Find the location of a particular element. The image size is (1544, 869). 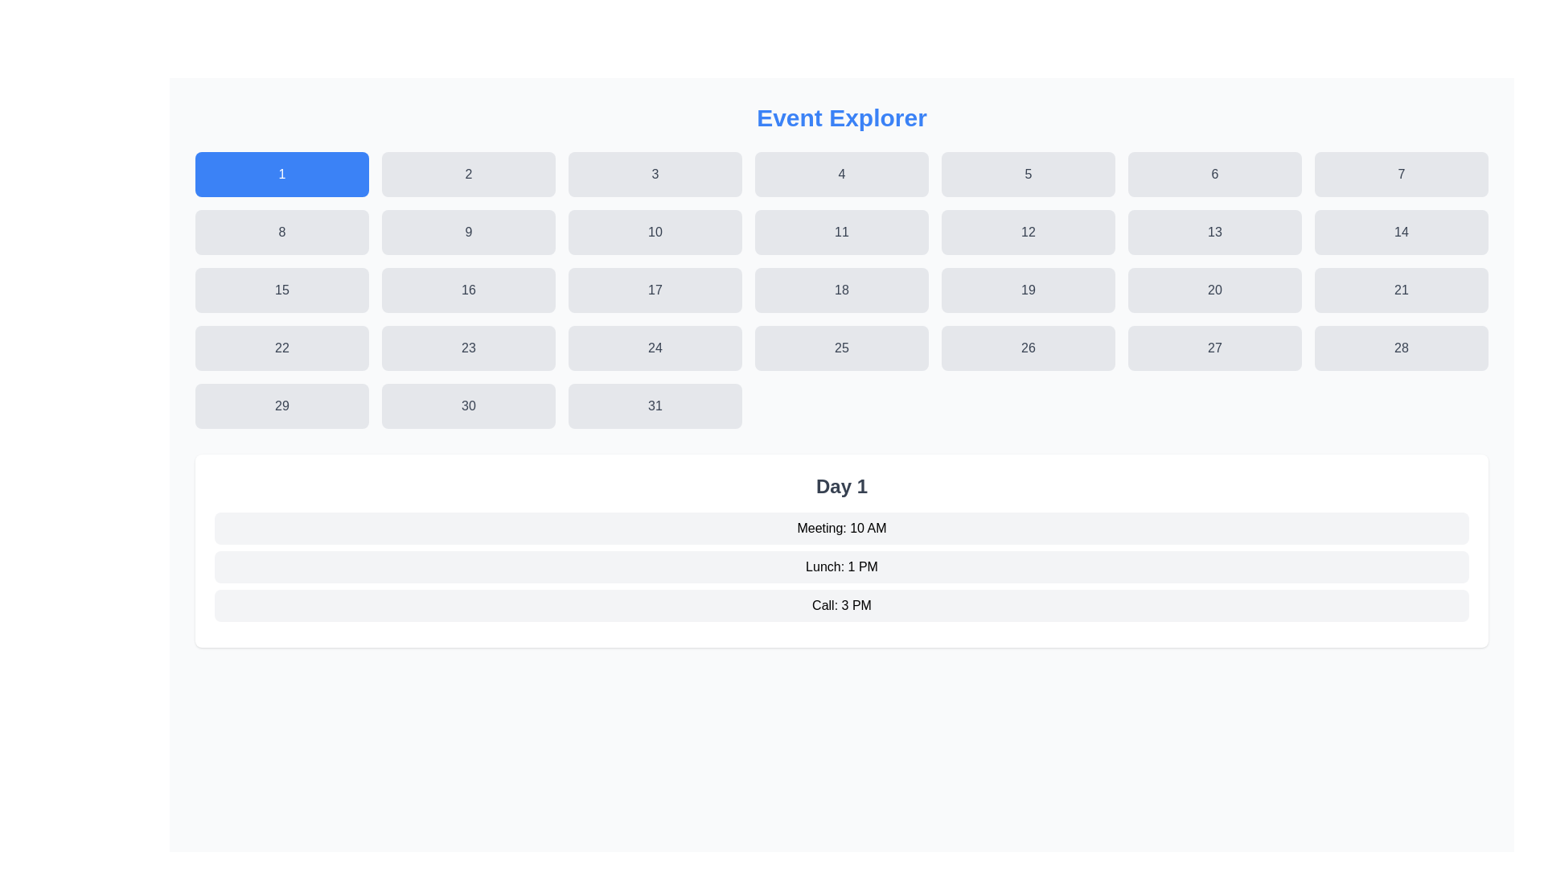

the rectangular button with rounded corners, light gray background, and the number '7' centered within it is located at coordinates (1400, 174).